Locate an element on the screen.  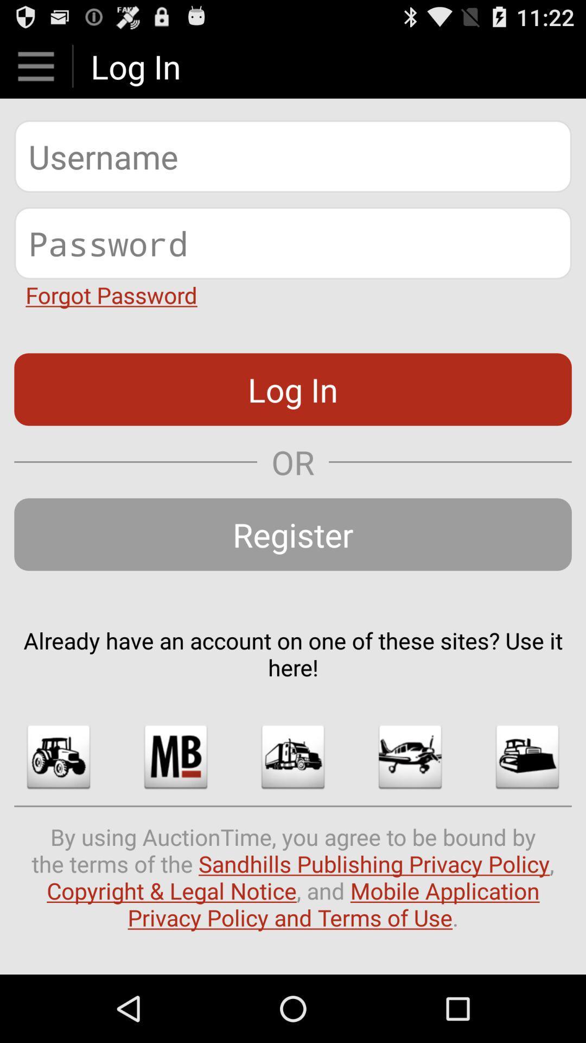
by using auctiontime icon is located at coordinates (293, 877).